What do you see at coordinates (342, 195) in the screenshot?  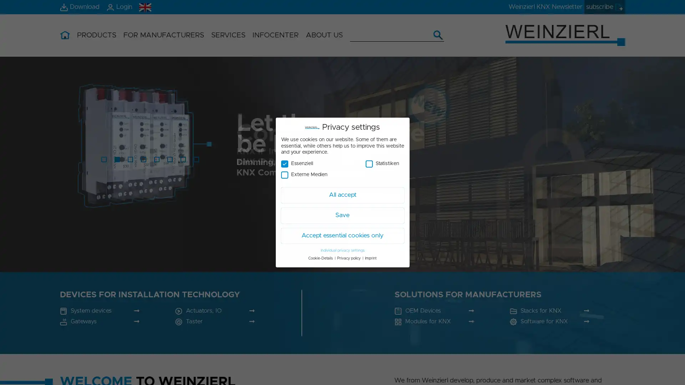 I see `All accept` at bounding box center [342, 195].